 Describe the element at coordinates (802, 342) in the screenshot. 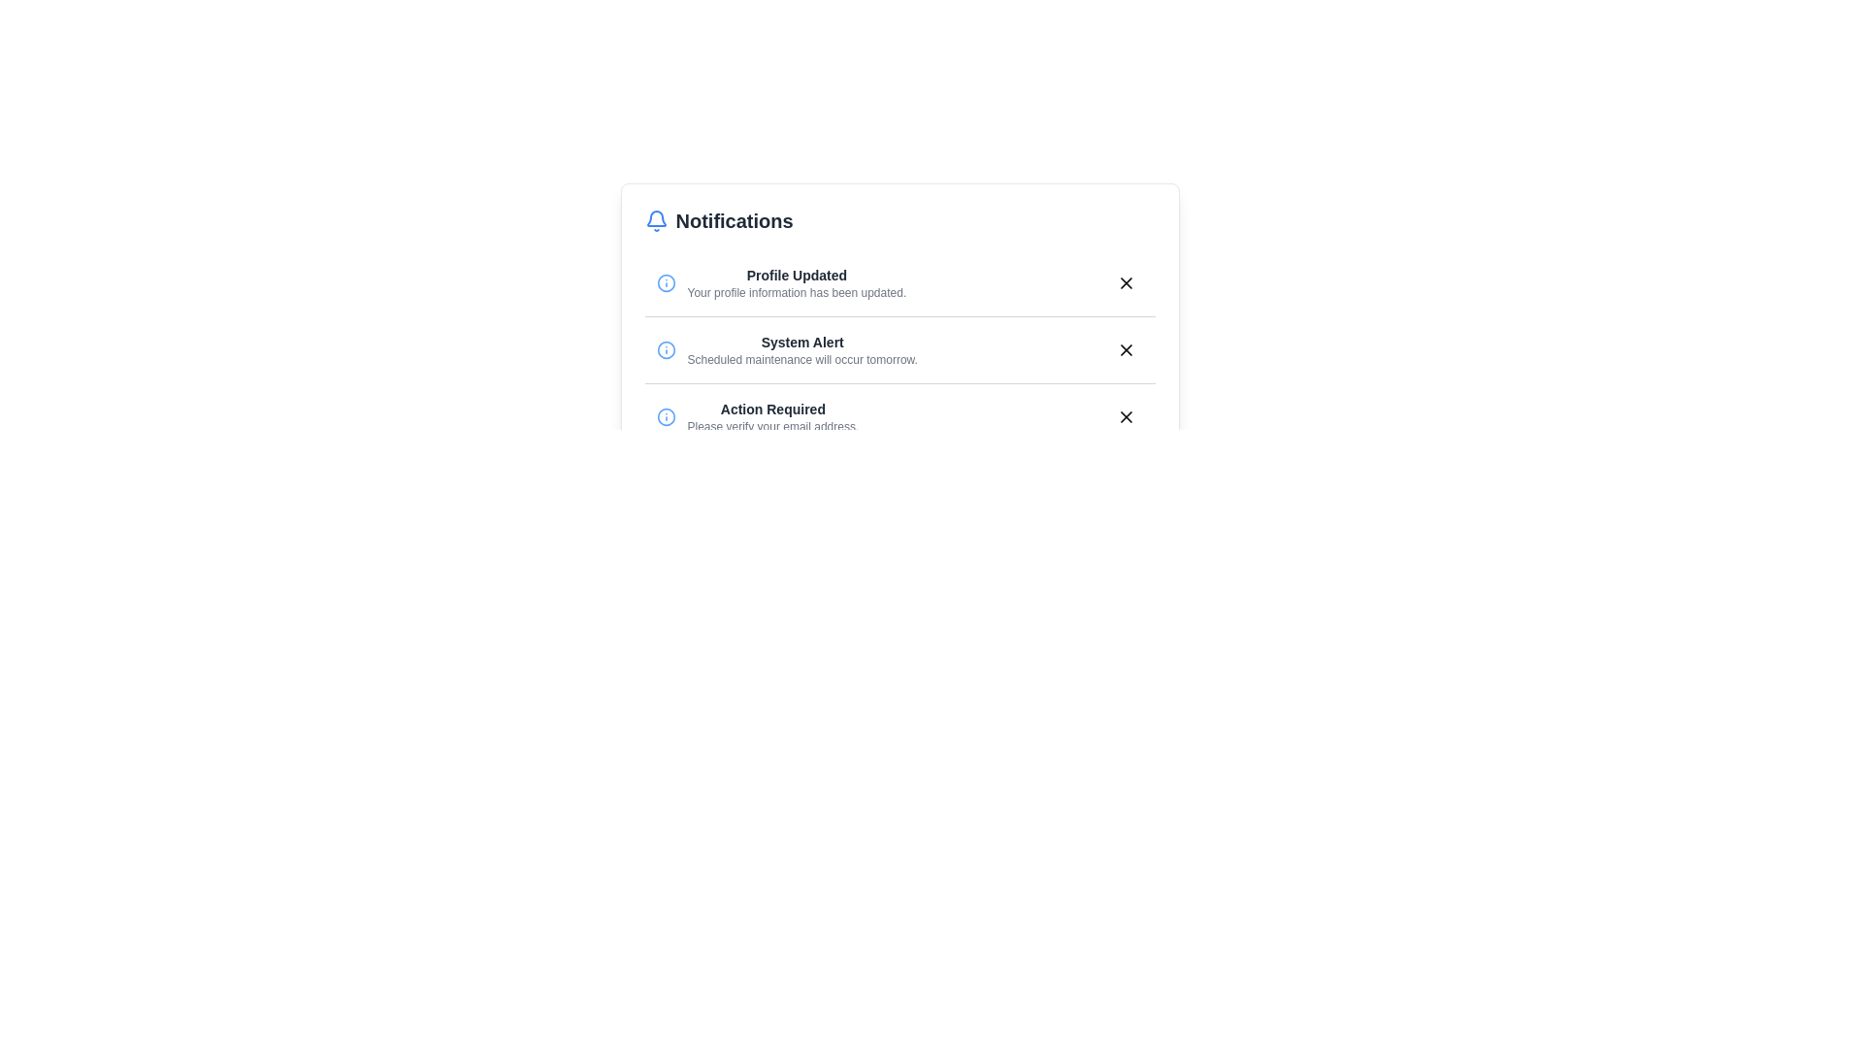

I see `the 'System Alert' text label which is displayed in bold dark gray above the subtext 'Scheduled maintenance will occur tomorrow.'` at that location.